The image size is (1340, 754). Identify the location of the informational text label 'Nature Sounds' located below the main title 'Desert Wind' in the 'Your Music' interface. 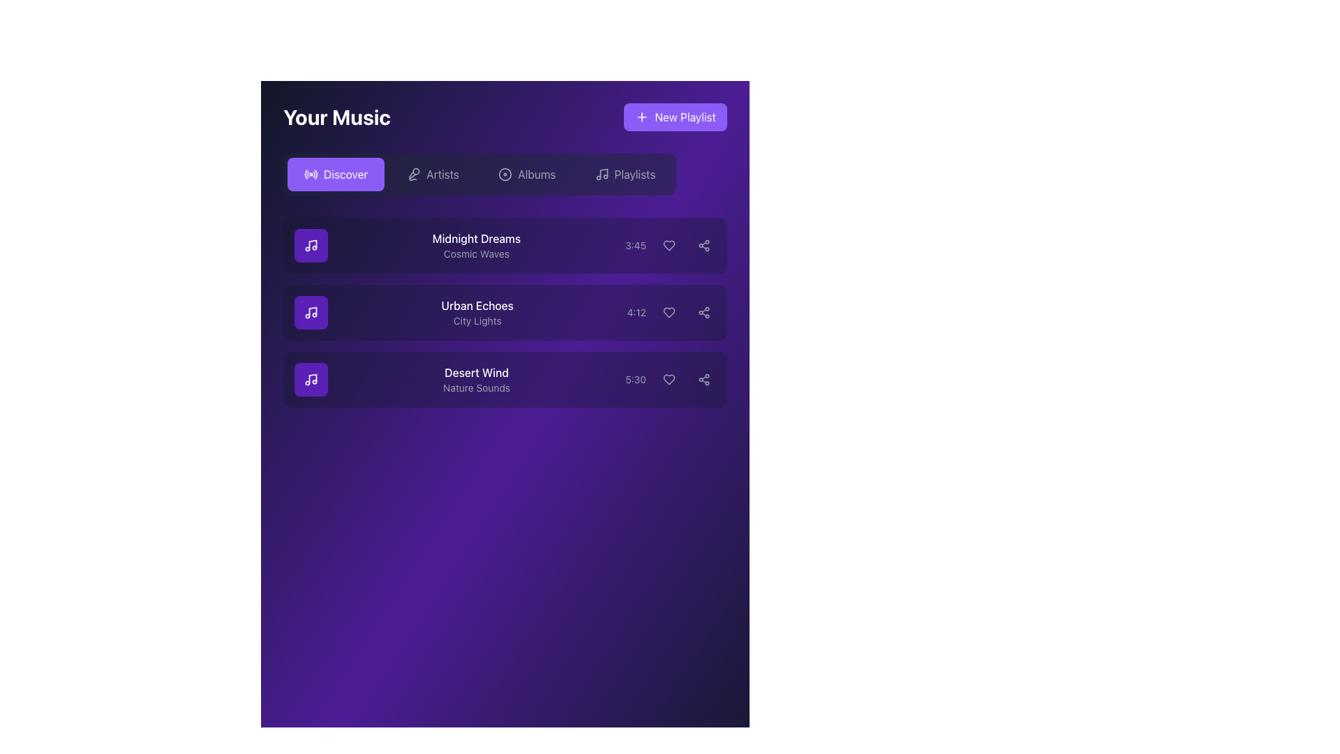
(477, 387).